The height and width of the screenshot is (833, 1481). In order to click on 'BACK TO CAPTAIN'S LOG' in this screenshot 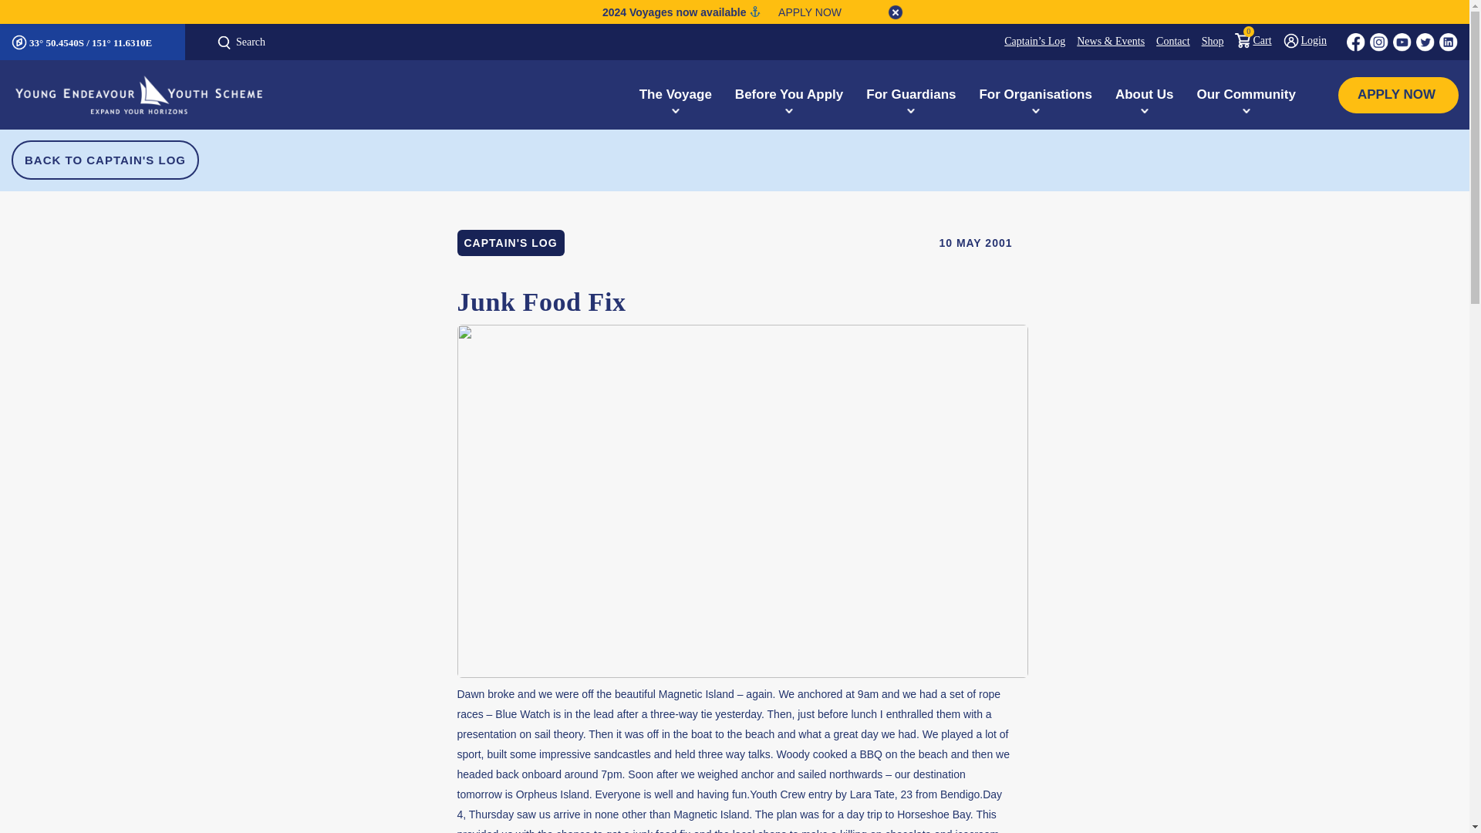, I will do `click(11, 160)`.